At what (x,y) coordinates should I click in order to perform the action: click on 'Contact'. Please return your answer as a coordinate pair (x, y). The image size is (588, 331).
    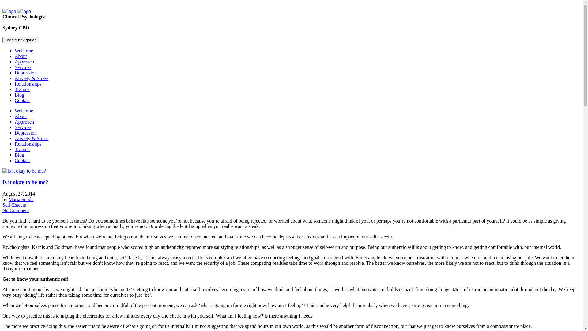
    Looking at the image, I should click on (22, 160).